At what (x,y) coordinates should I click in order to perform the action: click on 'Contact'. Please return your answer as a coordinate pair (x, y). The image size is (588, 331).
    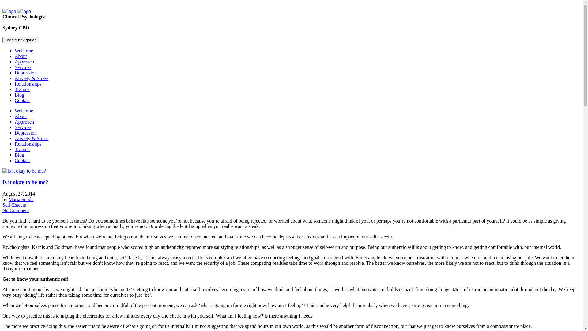
    Looking at the image, I should click on (22, 160).